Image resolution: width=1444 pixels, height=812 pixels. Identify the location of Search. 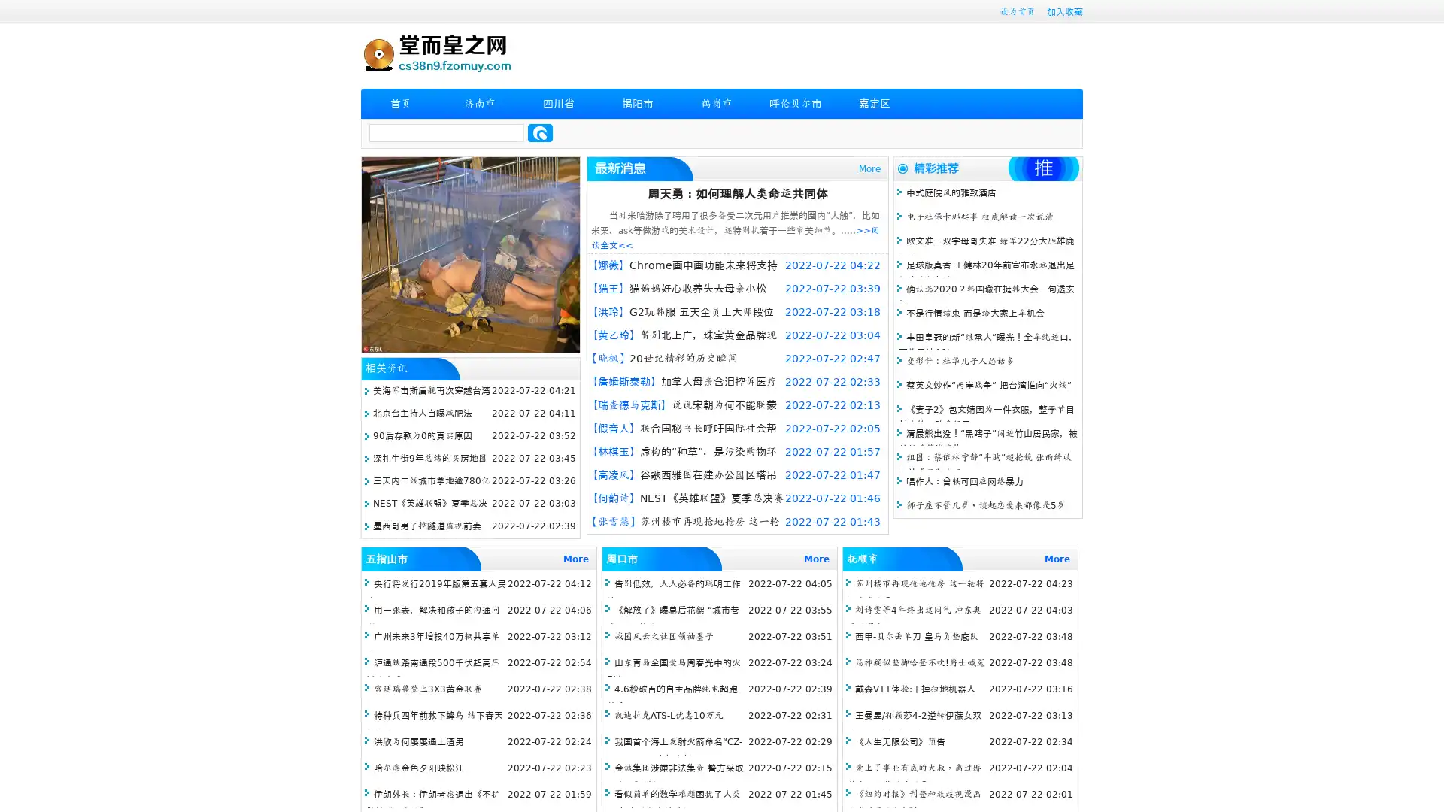
(540, 132).